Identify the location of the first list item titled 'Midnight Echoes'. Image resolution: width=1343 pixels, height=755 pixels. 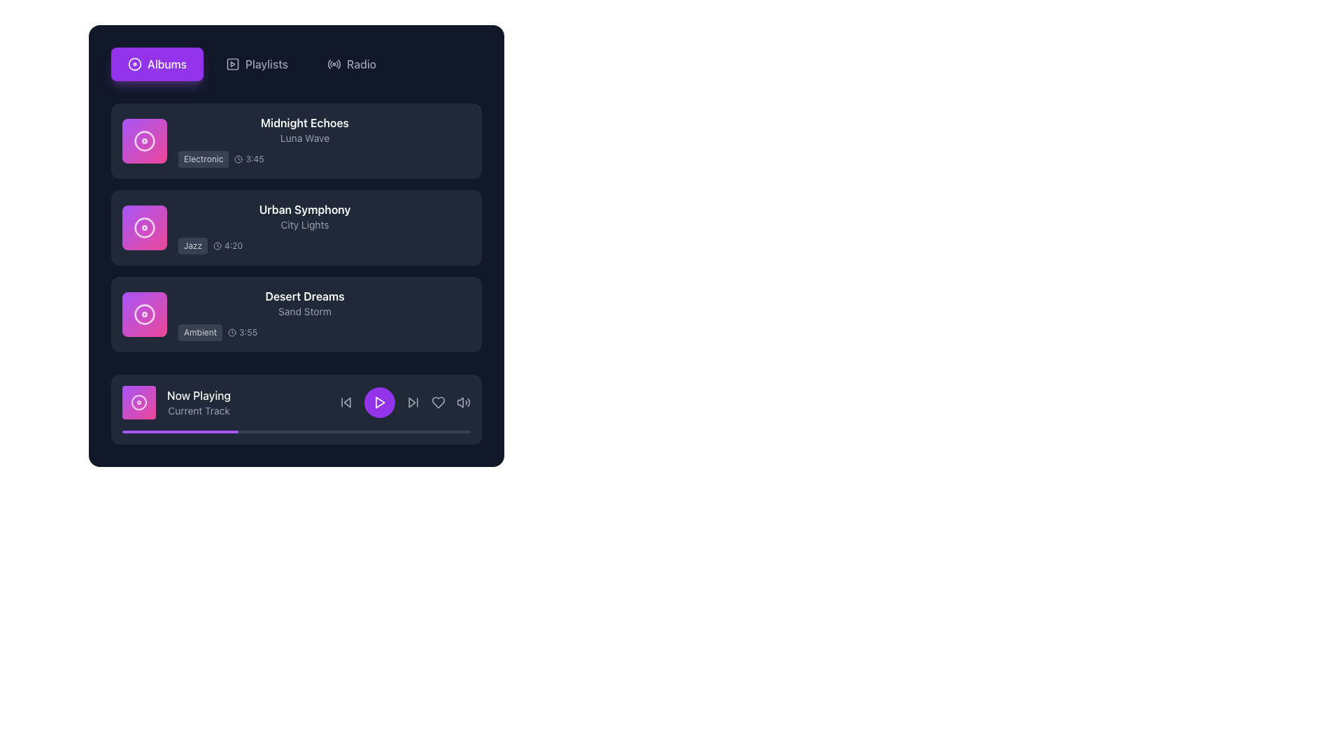
(295, 141).